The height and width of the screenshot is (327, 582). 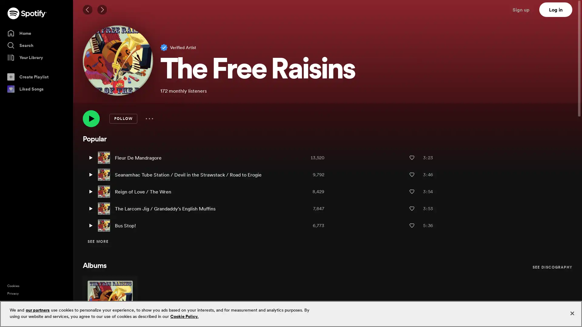 I want to click on Sign up, so click(x=524, y=9).